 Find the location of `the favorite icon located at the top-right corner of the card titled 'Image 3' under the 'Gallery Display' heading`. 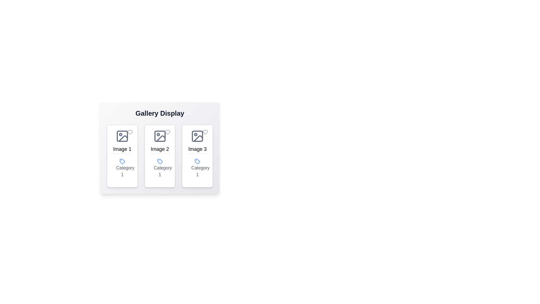

the favorite icon located at the top-right corner of the card titled 'Image 3' under the 'Gallery Display' heading is located at coordinates (205, 132).